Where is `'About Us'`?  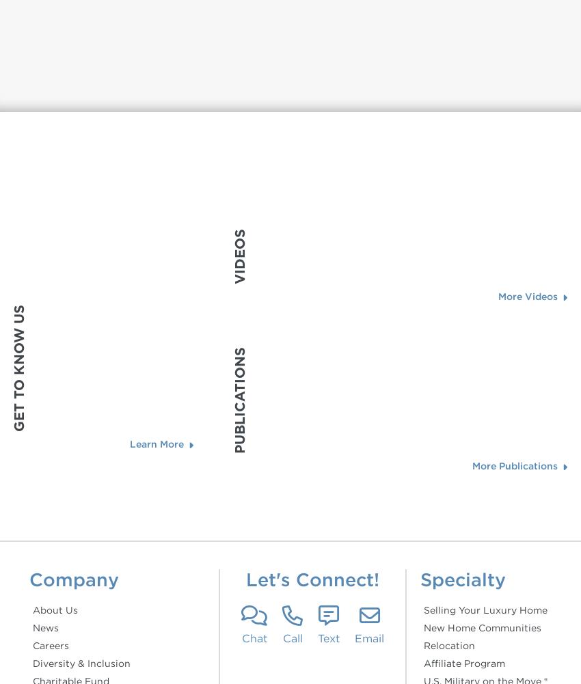
'About Us' is located at coordinates (55, 609).